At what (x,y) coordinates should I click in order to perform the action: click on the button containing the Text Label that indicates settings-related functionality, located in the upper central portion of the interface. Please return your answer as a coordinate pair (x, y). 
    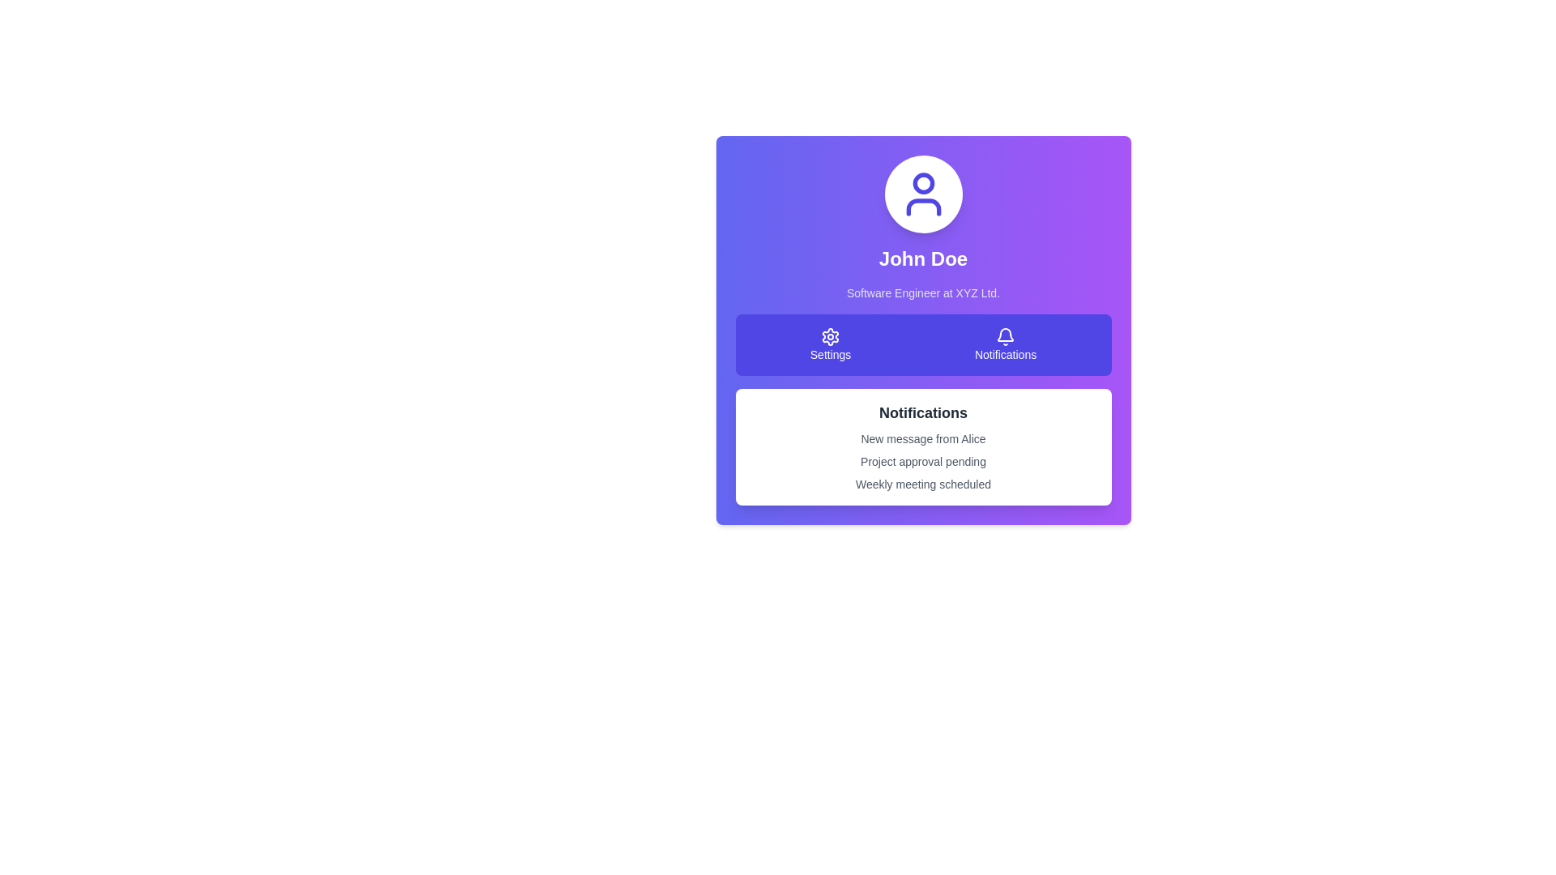
    Looking at the image, I should click on (831, 354).